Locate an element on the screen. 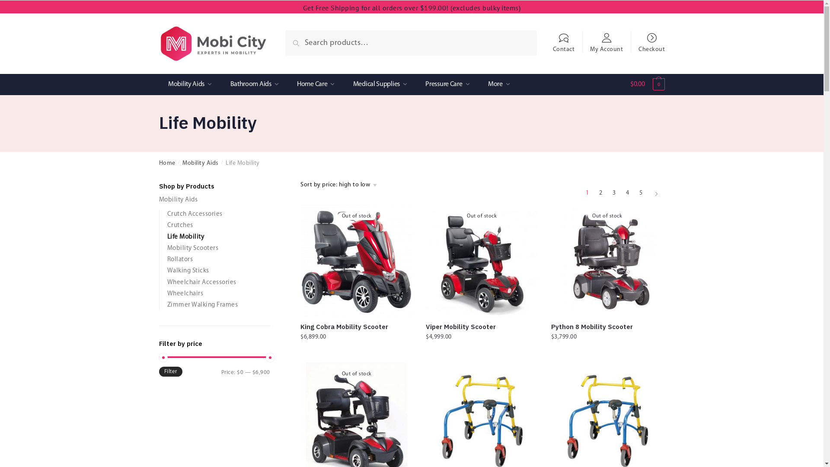 This screenshot has width=830, height=467. '2' is located at coordinates (600, 193).